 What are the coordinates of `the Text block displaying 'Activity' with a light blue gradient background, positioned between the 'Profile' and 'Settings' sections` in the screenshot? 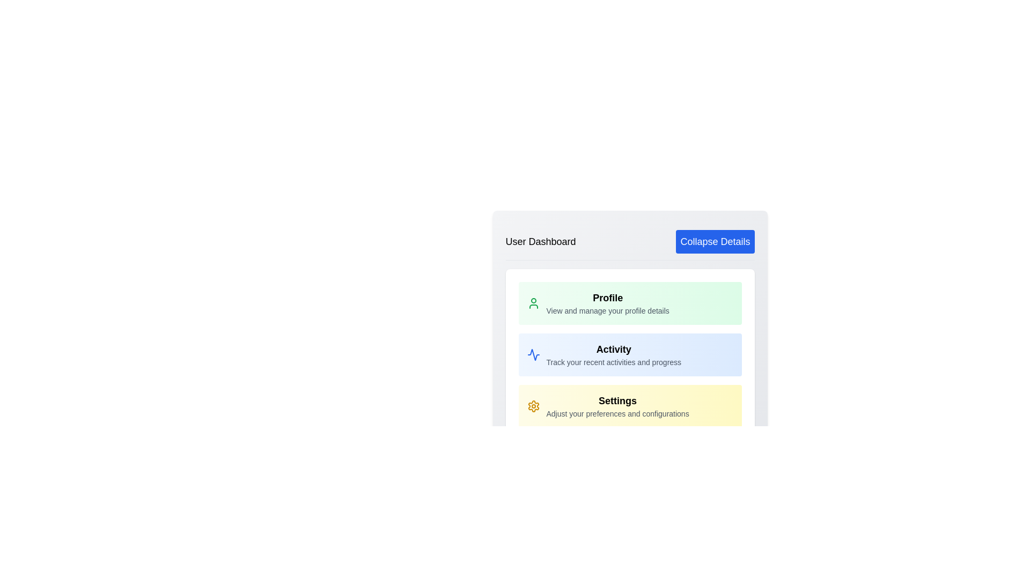 It's located at (614, 355).